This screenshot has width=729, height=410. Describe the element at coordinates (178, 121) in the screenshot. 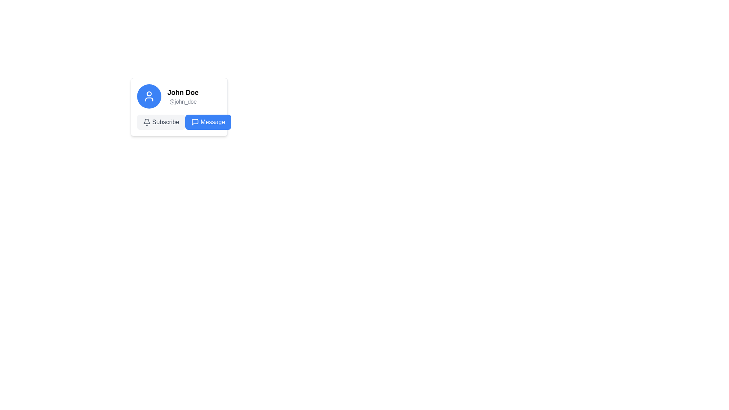

I see `the left subscription button located under the user's name 'John Doe' and handle '@john_doe' in the profile card` at that location.